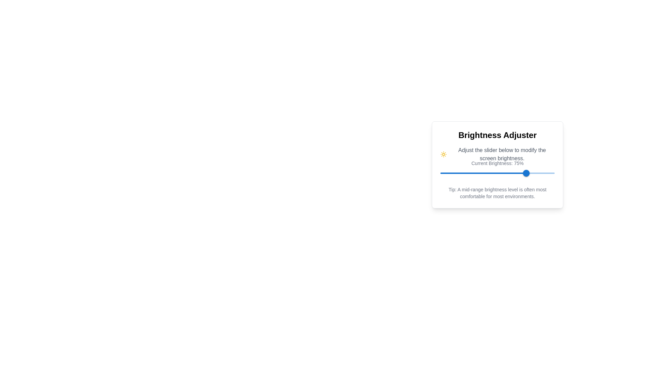 The image size is (657, 369). Describe the element at coordinates (461, 173) in the screenshot. I see `the brightness` at that location.